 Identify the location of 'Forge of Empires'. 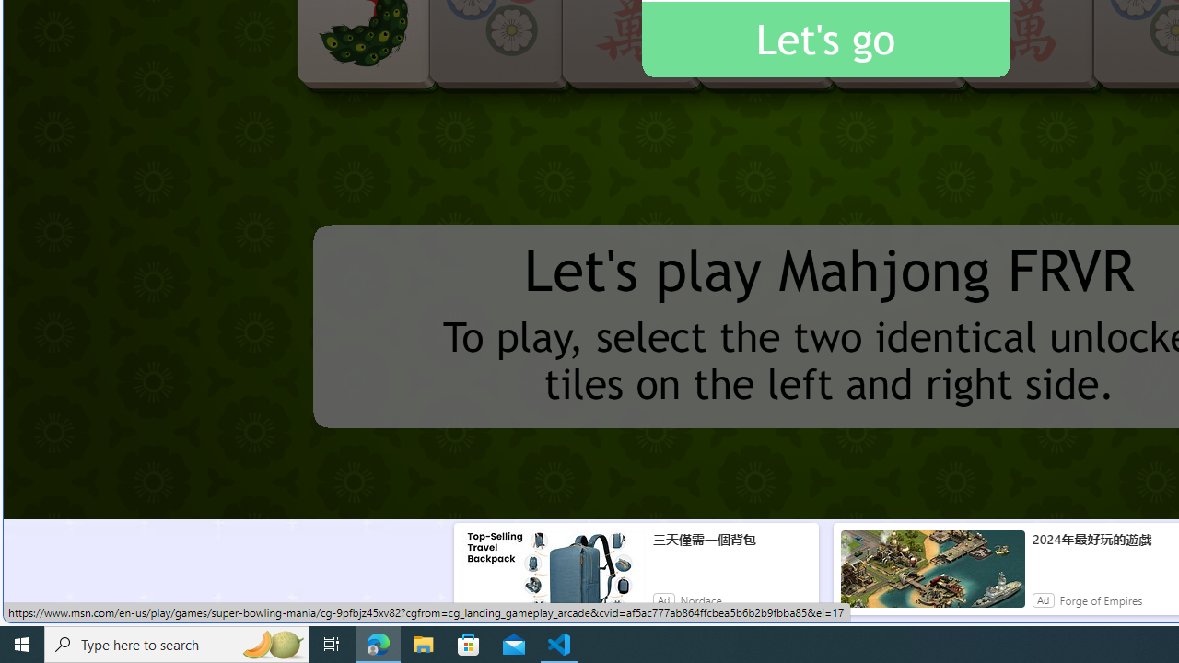
(1101, 599).